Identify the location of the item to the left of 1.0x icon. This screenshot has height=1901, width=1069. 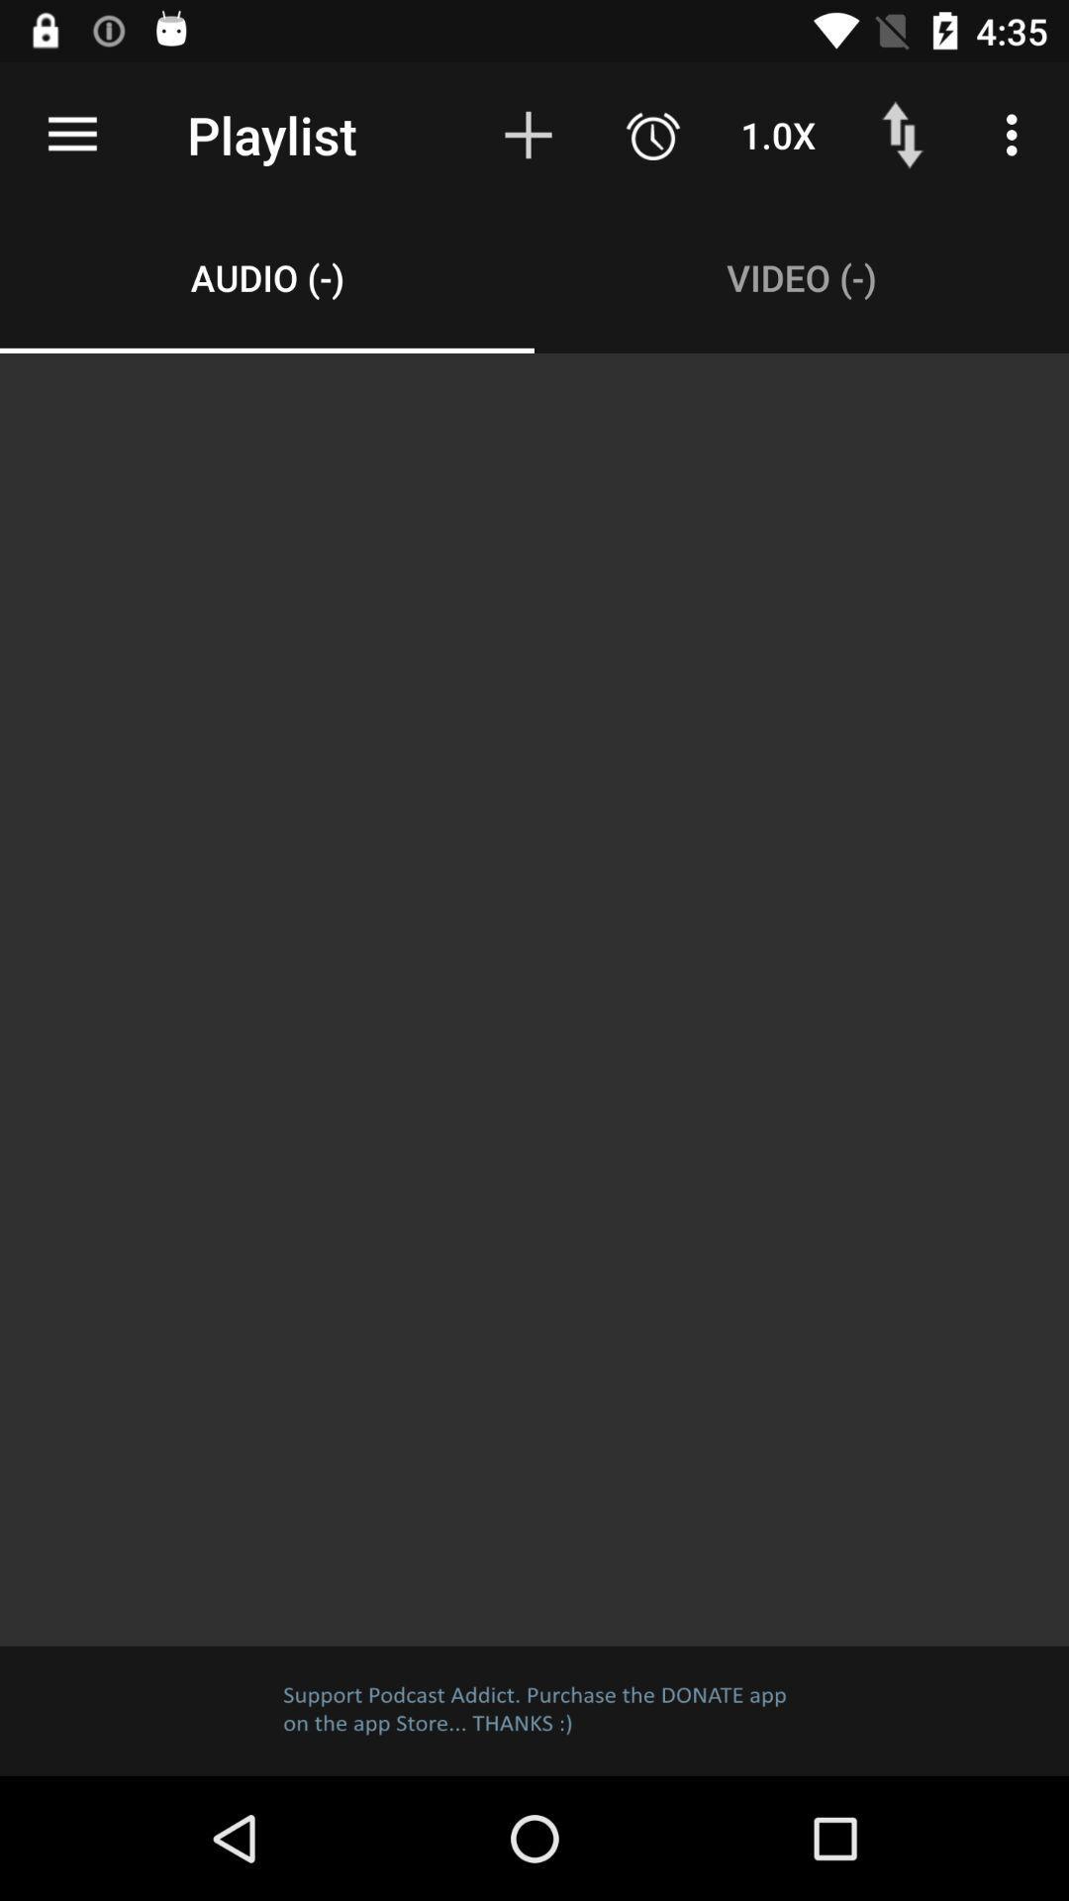
(652, 134).